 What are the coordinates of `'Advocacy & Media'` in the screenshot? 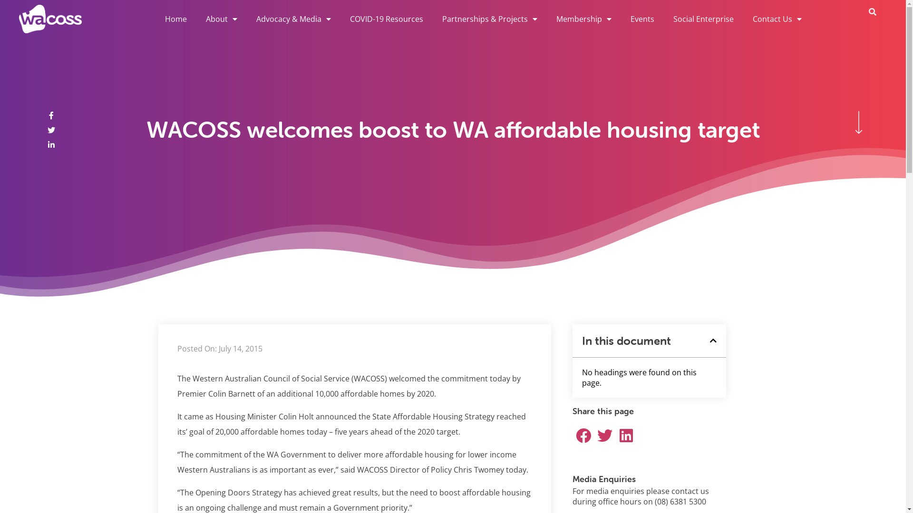 It's located at (293, 19).